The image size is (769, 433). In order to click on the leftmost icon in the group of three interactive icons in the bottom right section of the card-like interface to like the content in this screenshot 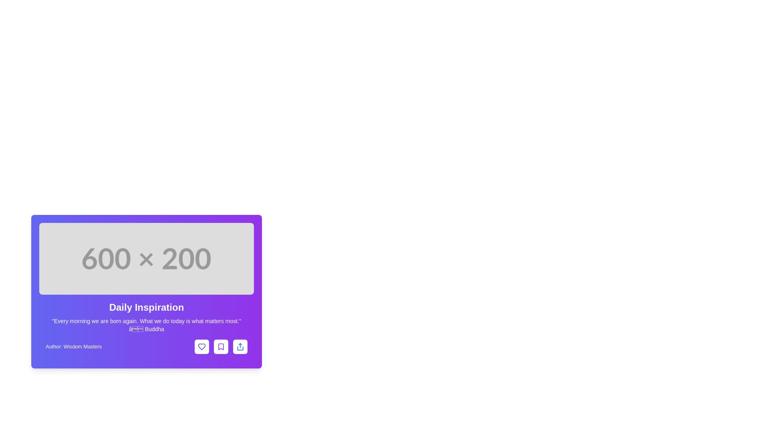, I will do `click(202, 346)`.